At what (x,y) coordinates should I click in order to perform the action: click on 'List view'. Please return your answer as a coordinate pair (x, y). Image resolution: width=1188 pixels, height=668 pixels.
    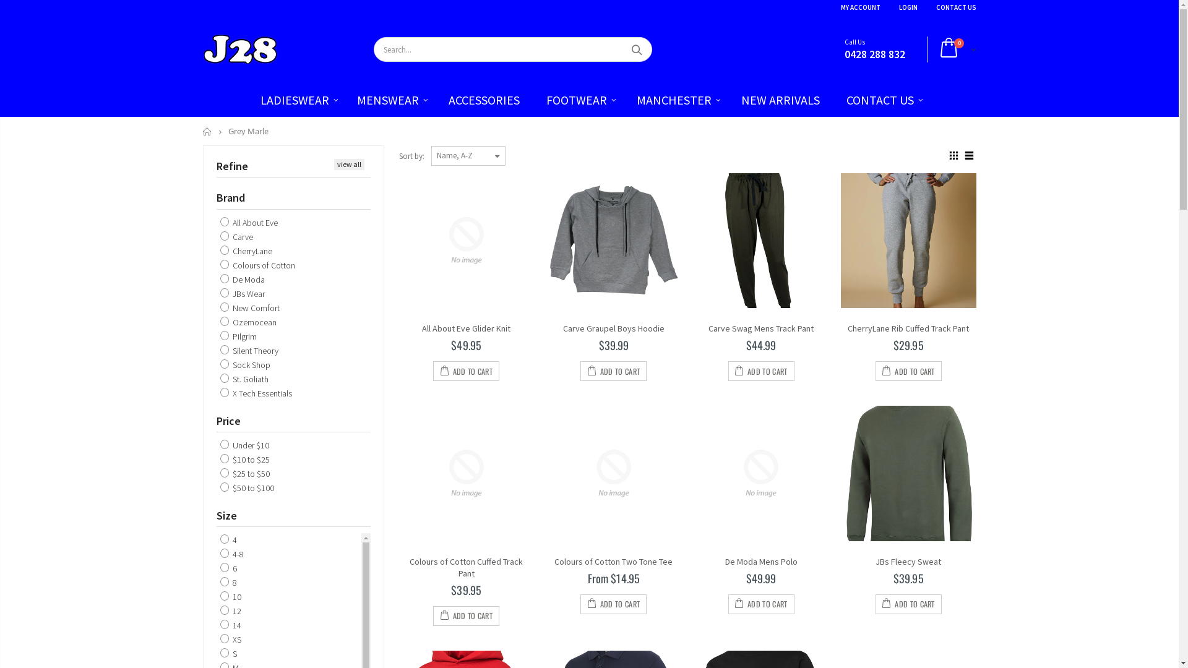
    Looking at the image, I should click on (968, 155).